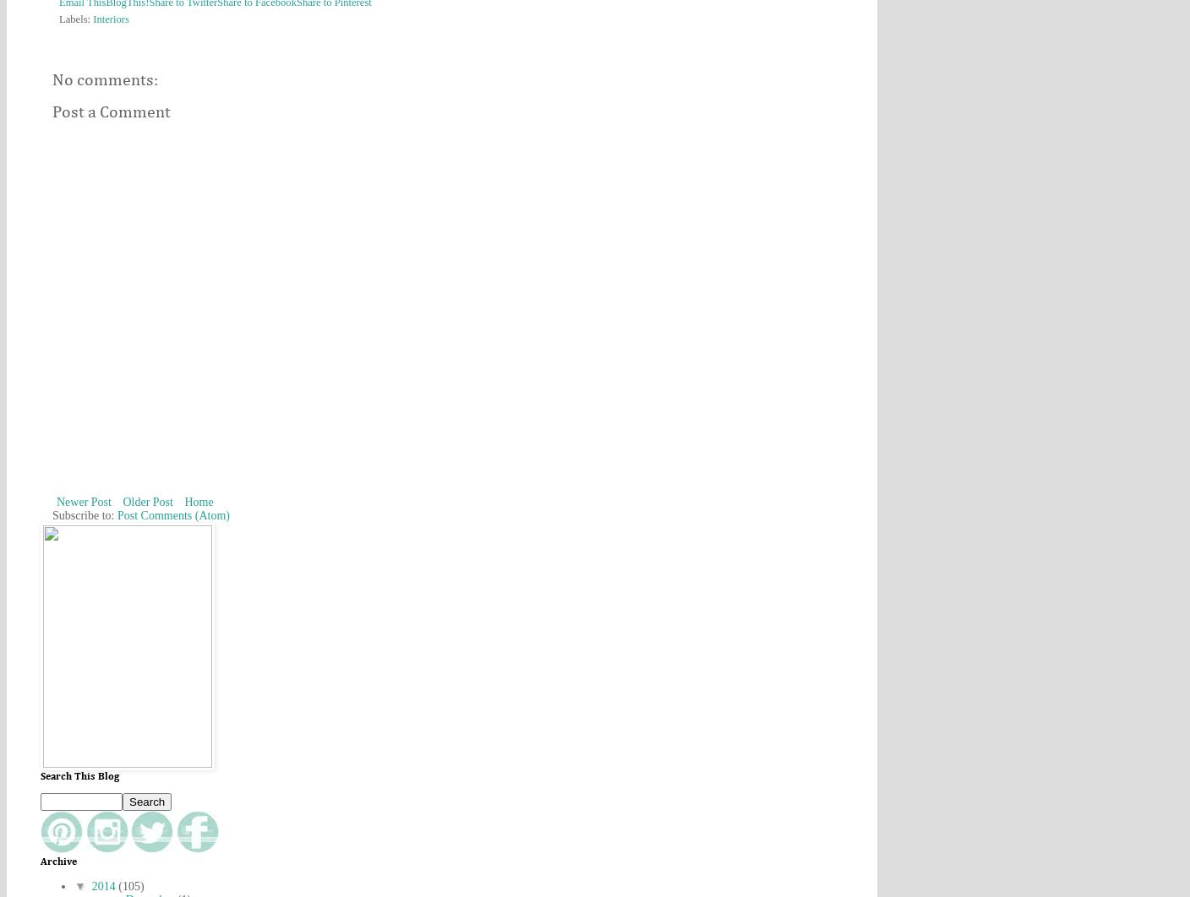 The width and height of the screenshot is (1190, 897). What do you see at coordinates (85, 515) in the screenshot?
I see `'Subscribe to:'` at bounding box center [85, 515].